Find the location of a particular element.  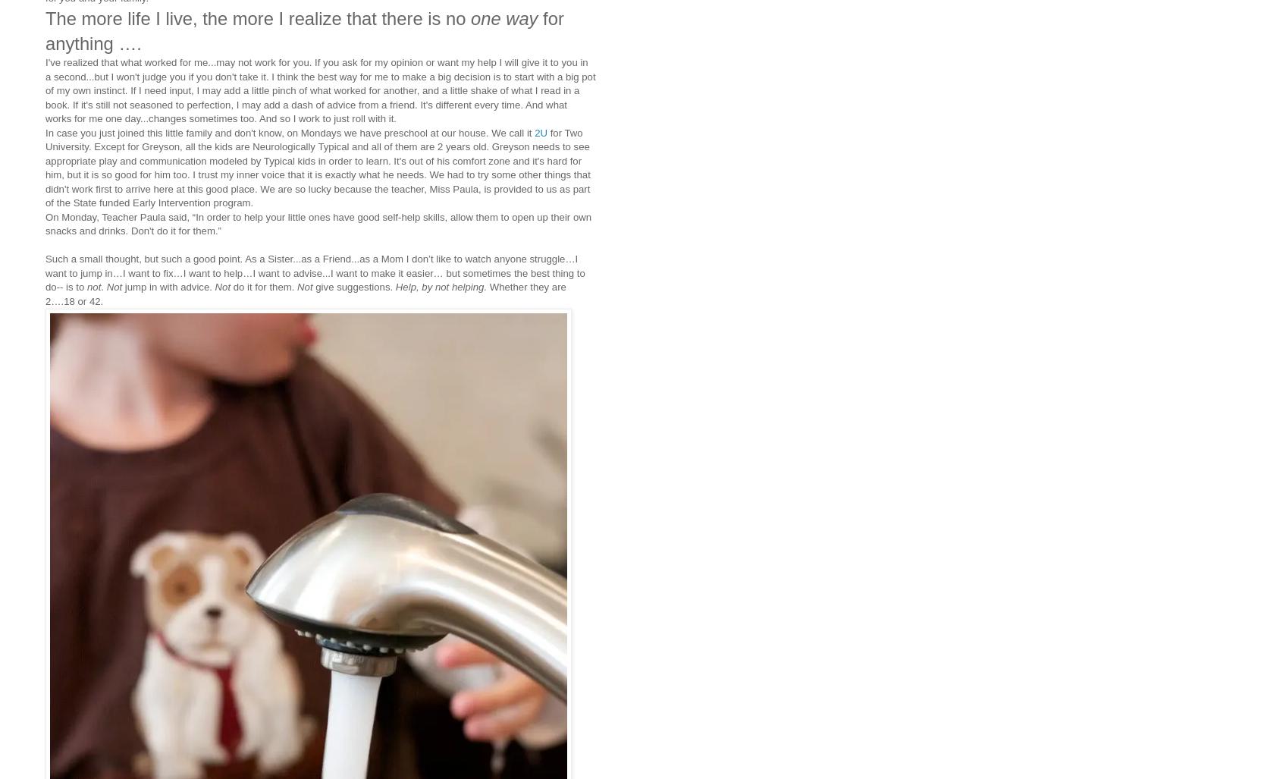

'Such a small thought, but such a good point. As a Sister...as a Friend...as a Mom I don’t like to watch anyone struggle…I want to jump in…I want to fix…I want to help…I want to advise...I want to make it easier… but sometimes the best thing to do-- is to' is located at coordinates (315, 272).